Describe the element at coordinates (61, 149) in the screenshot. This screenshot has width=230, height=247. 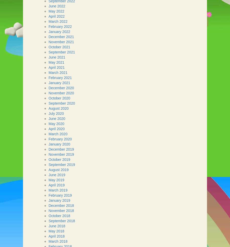
I see `'December 2019'` at that location.